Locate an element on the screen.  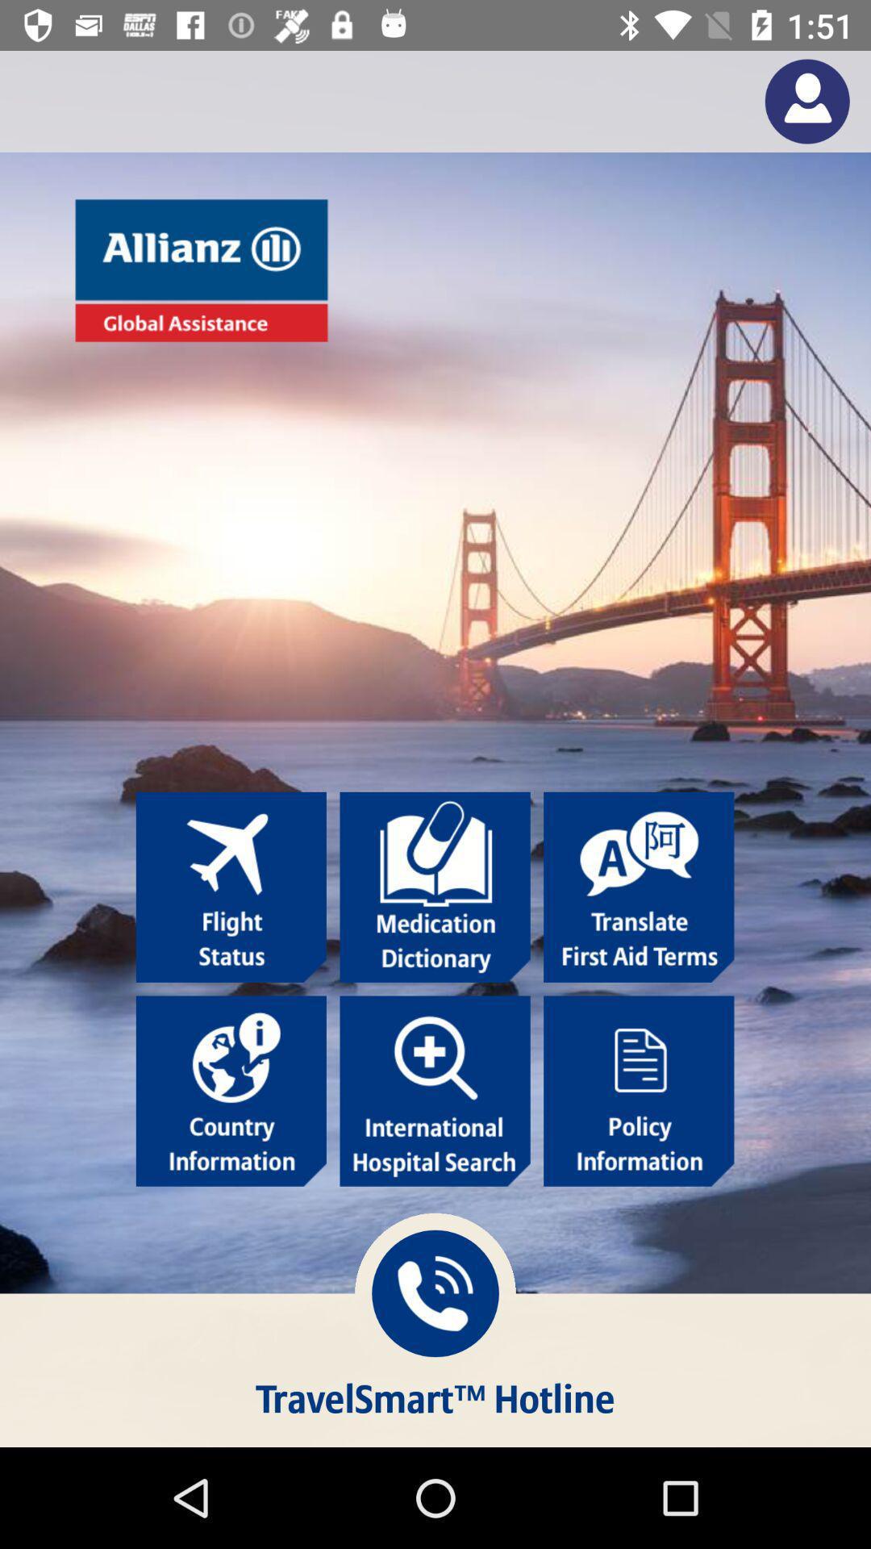
flight status is located at coordinates (231, 886).